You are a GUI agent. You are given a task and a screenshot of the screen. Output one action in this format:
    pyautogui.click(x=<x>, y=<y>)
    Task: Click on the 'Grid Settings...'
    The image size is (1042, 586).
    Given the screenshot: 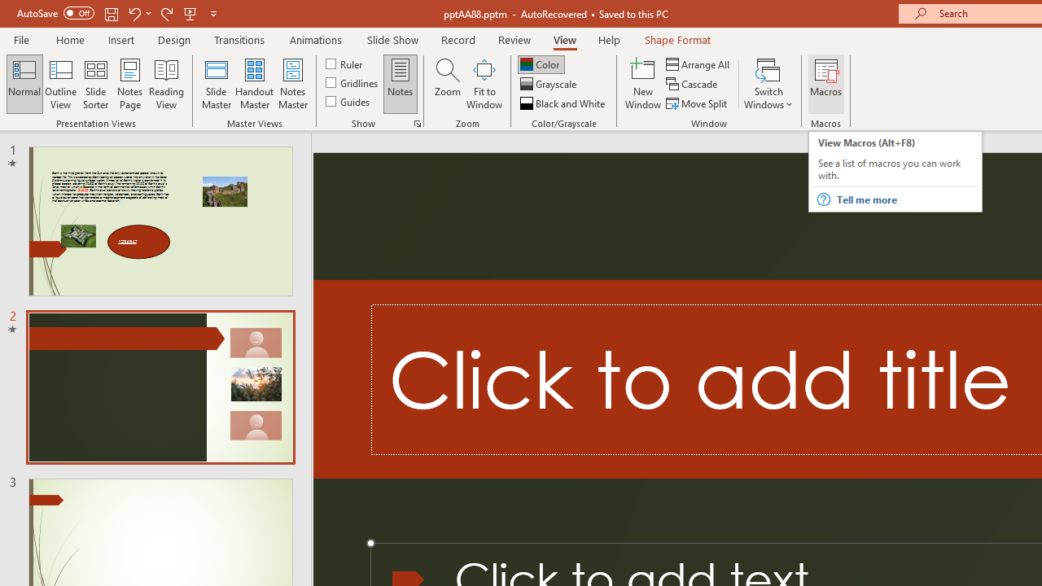 What is the action you would take?
    pyautogui.click(x=418, y=122)
    